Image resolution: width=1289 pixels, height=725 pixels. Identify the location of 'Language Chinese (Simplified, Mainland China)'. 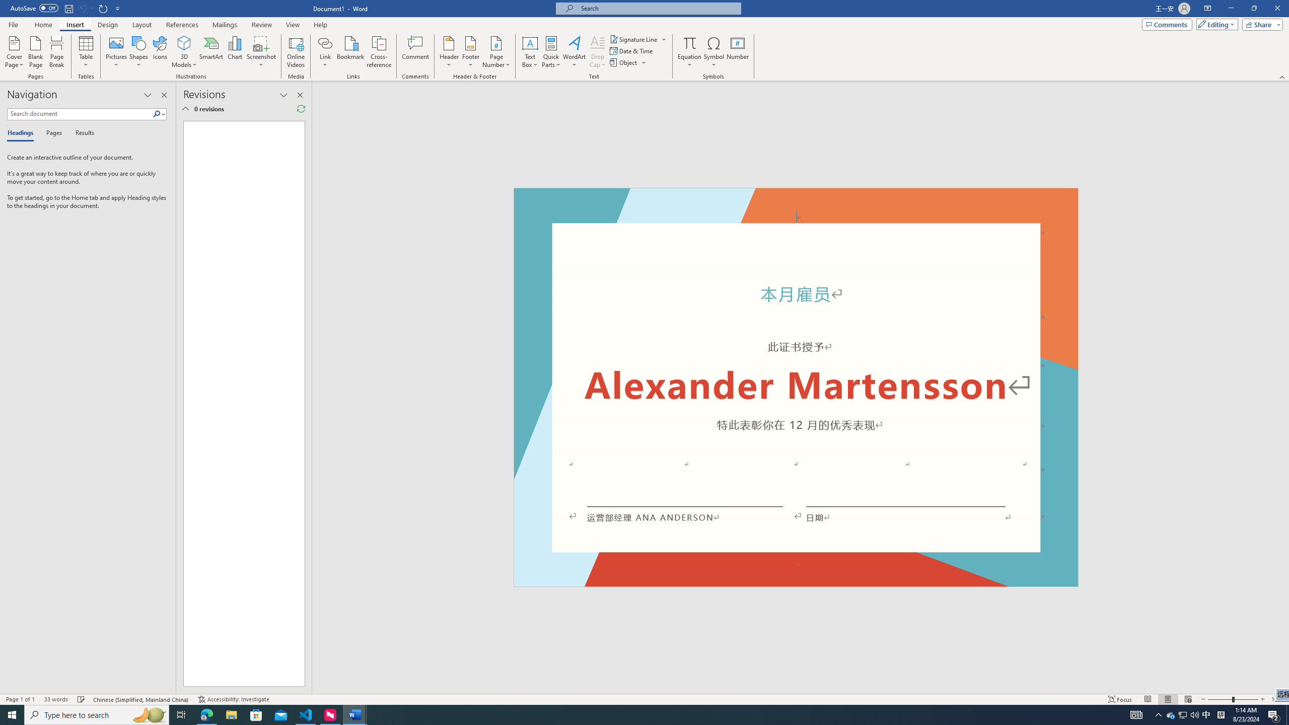
(141, 699).